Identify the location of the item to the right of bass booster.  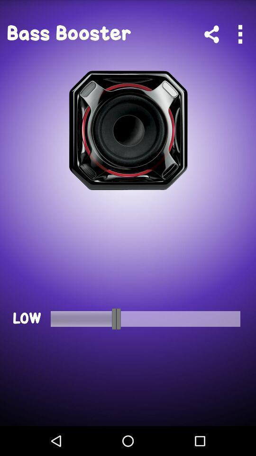
(211, 34).